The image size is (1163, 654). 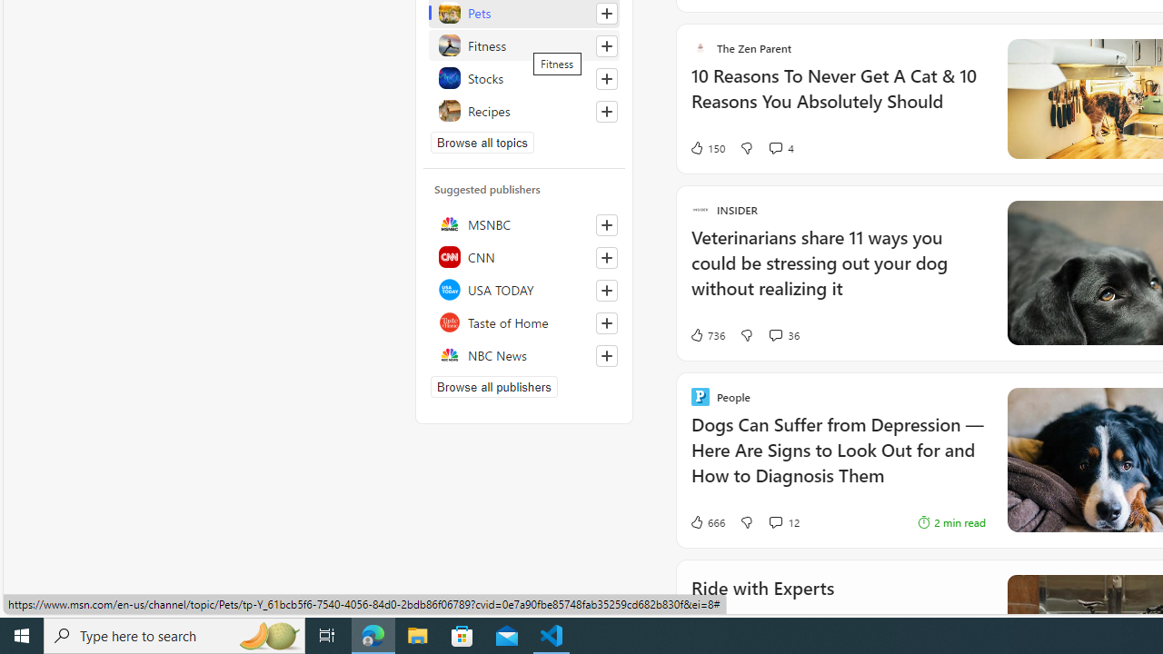 What do you see at coordinates (523, 111) in the screenshot?
I see `'Recipes'` at bounding box center [523, 111].